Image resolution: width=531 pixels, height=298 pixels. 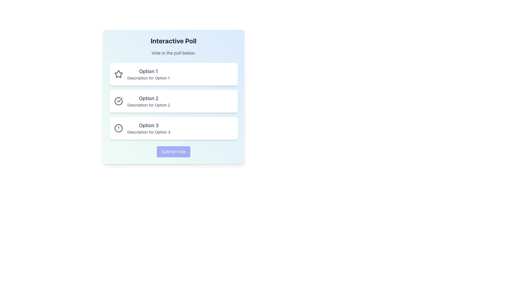 What do you see at coordinates (173, 128) in the screenshot?
I see `the third interactive card in the vertical list of options` at bounding box center [173, 128].